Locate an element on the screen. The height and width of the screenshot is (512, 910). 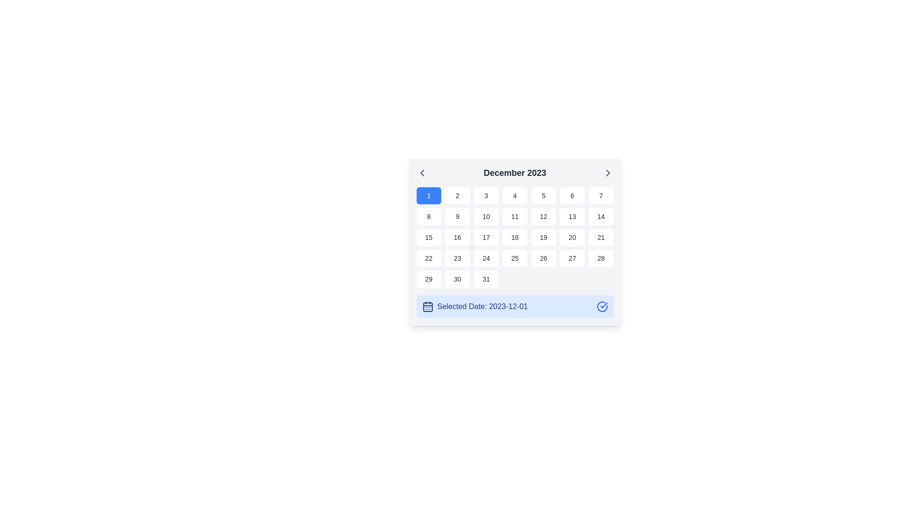
the text component displaying 'Selected Date: 2023-12-01' with a calendar icon on the left, located in a light blue background box at the bottom of the calendar interface is located at coordinates (475, 307).